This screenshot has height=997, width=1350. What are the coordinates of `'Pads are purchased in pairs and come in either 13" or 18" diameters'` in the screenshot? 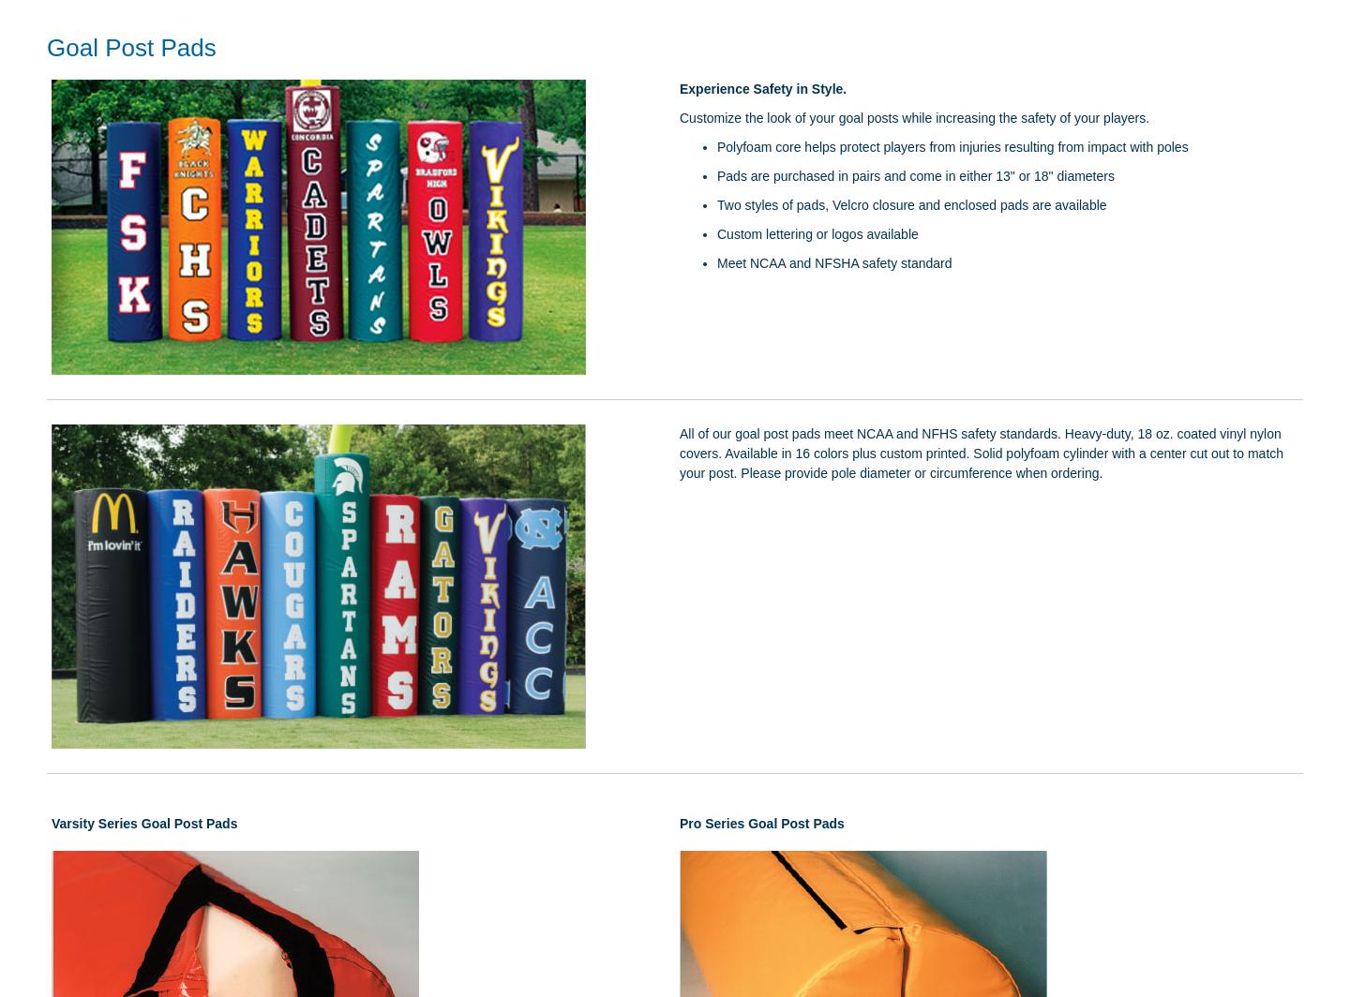 It's located at (914, 176).